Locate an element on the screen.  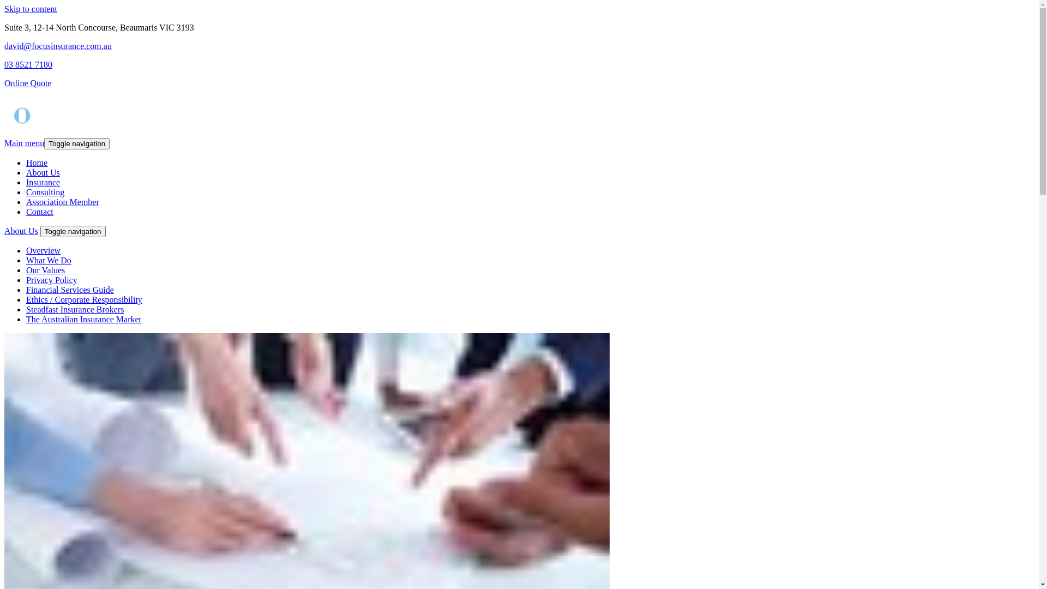
'Financial Services Guide' is located at coordinates (69, 289).